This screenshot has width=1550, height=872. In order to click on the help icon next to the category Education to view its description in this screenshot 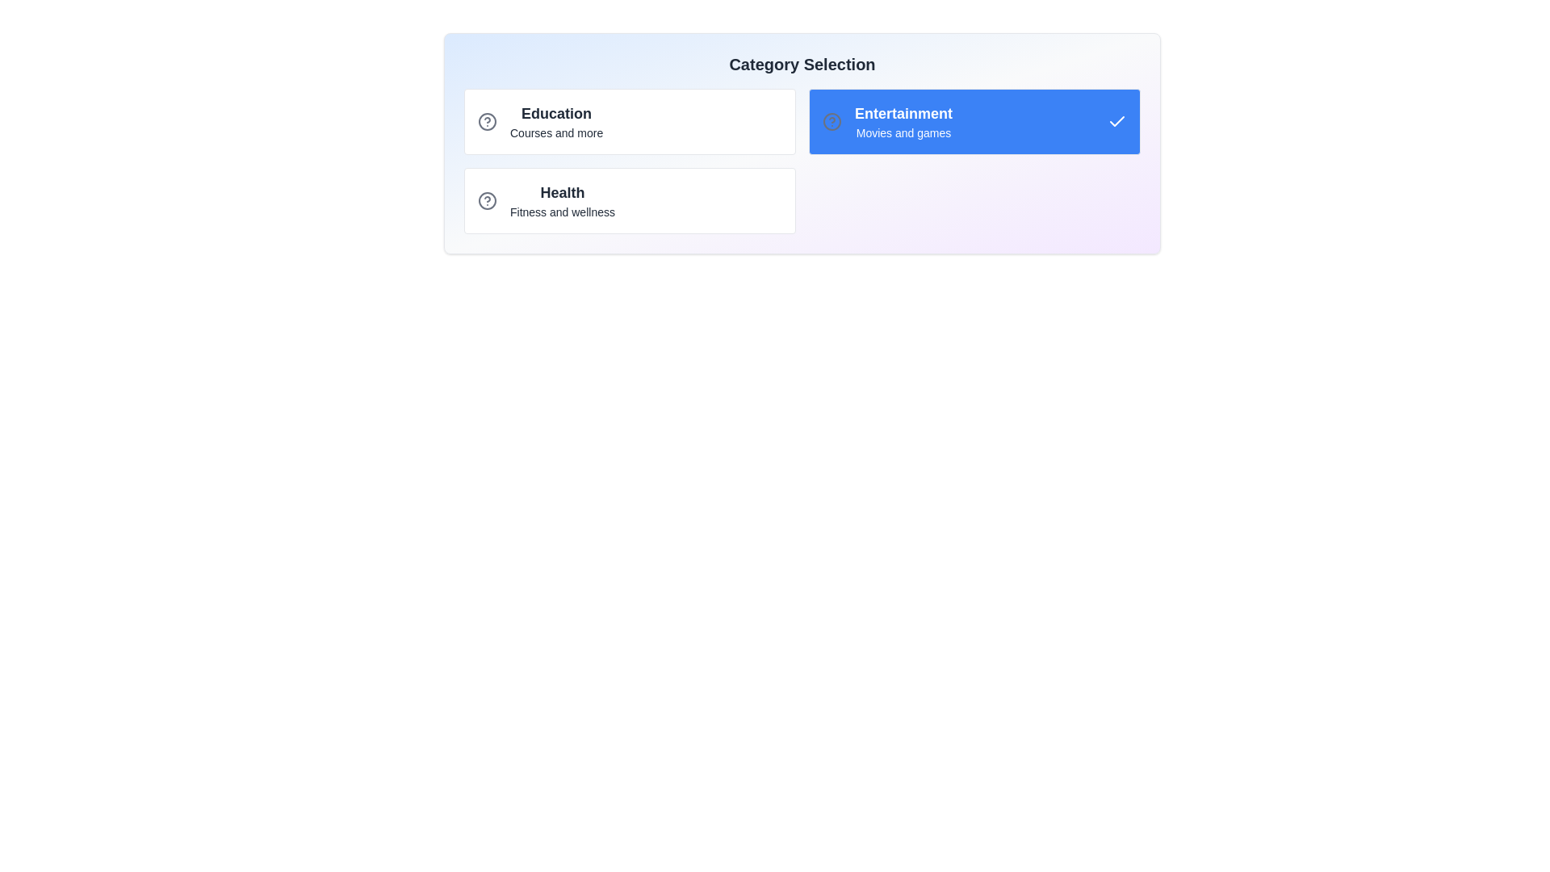, I will do `click(487, 120)`.